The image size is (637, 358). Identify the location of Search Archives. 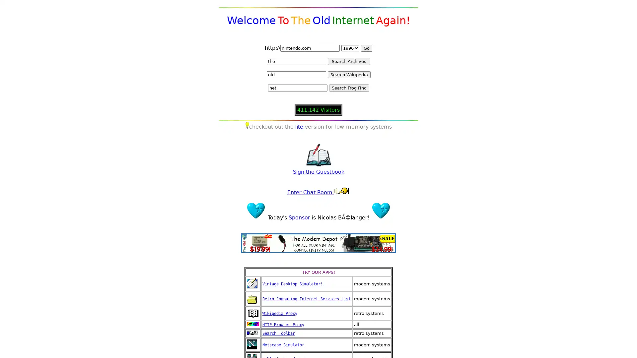
(348, 61).